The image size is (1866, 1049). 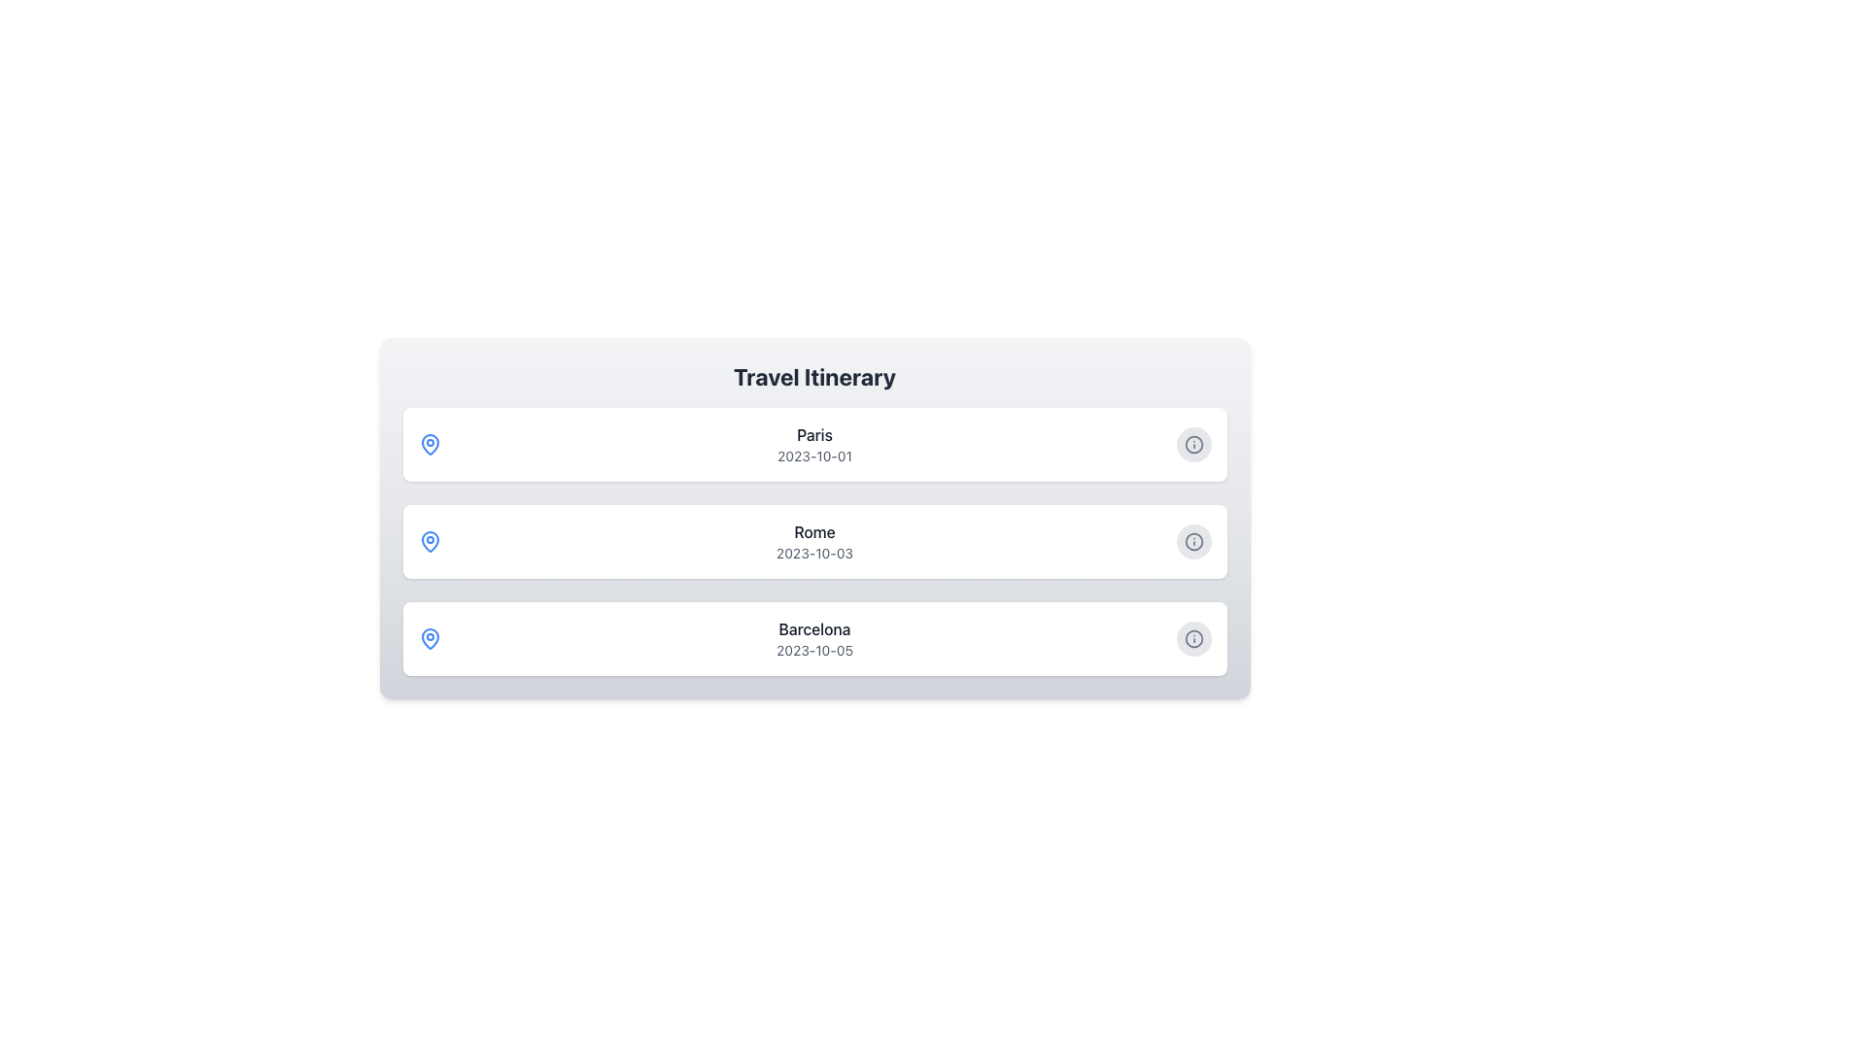 I want to click on the second card in the vertical list that displays 'Rome' with a blue map pin icon on the left and an information icon on the right, so click(x=814, y=542).